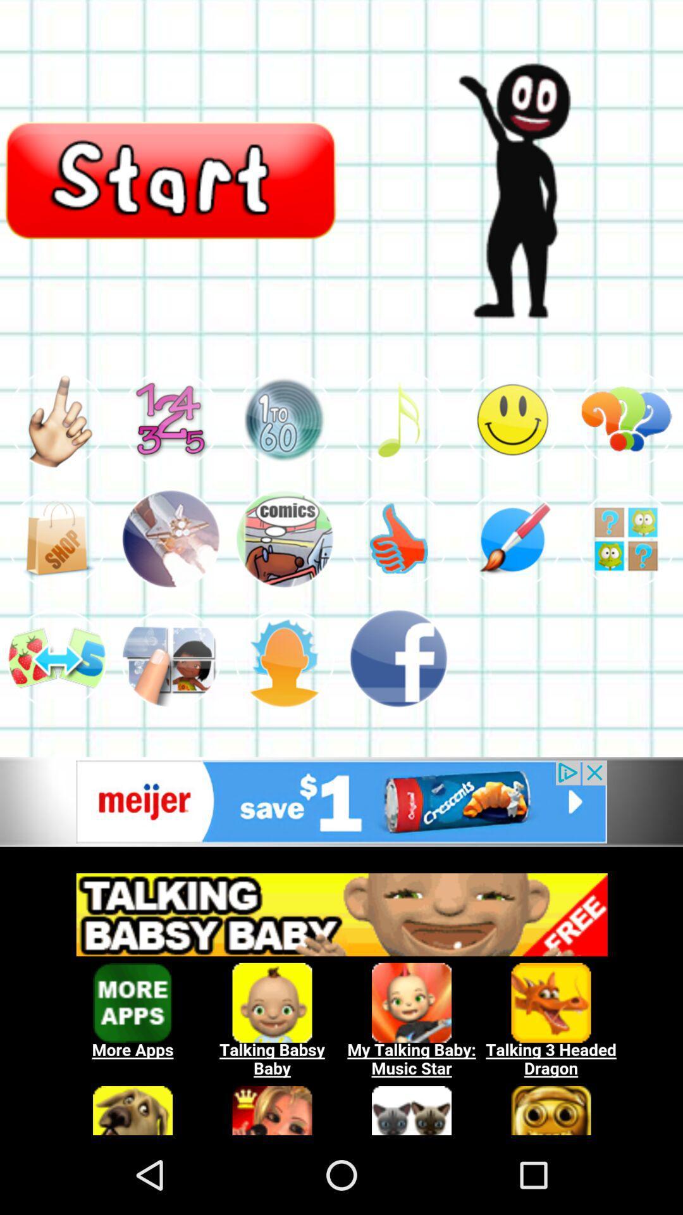 The width and height of the screenshot is (683, 1215). Describe the element at coordinates (512, 449) in the screenshot. I see `the emoji icon` at that location.